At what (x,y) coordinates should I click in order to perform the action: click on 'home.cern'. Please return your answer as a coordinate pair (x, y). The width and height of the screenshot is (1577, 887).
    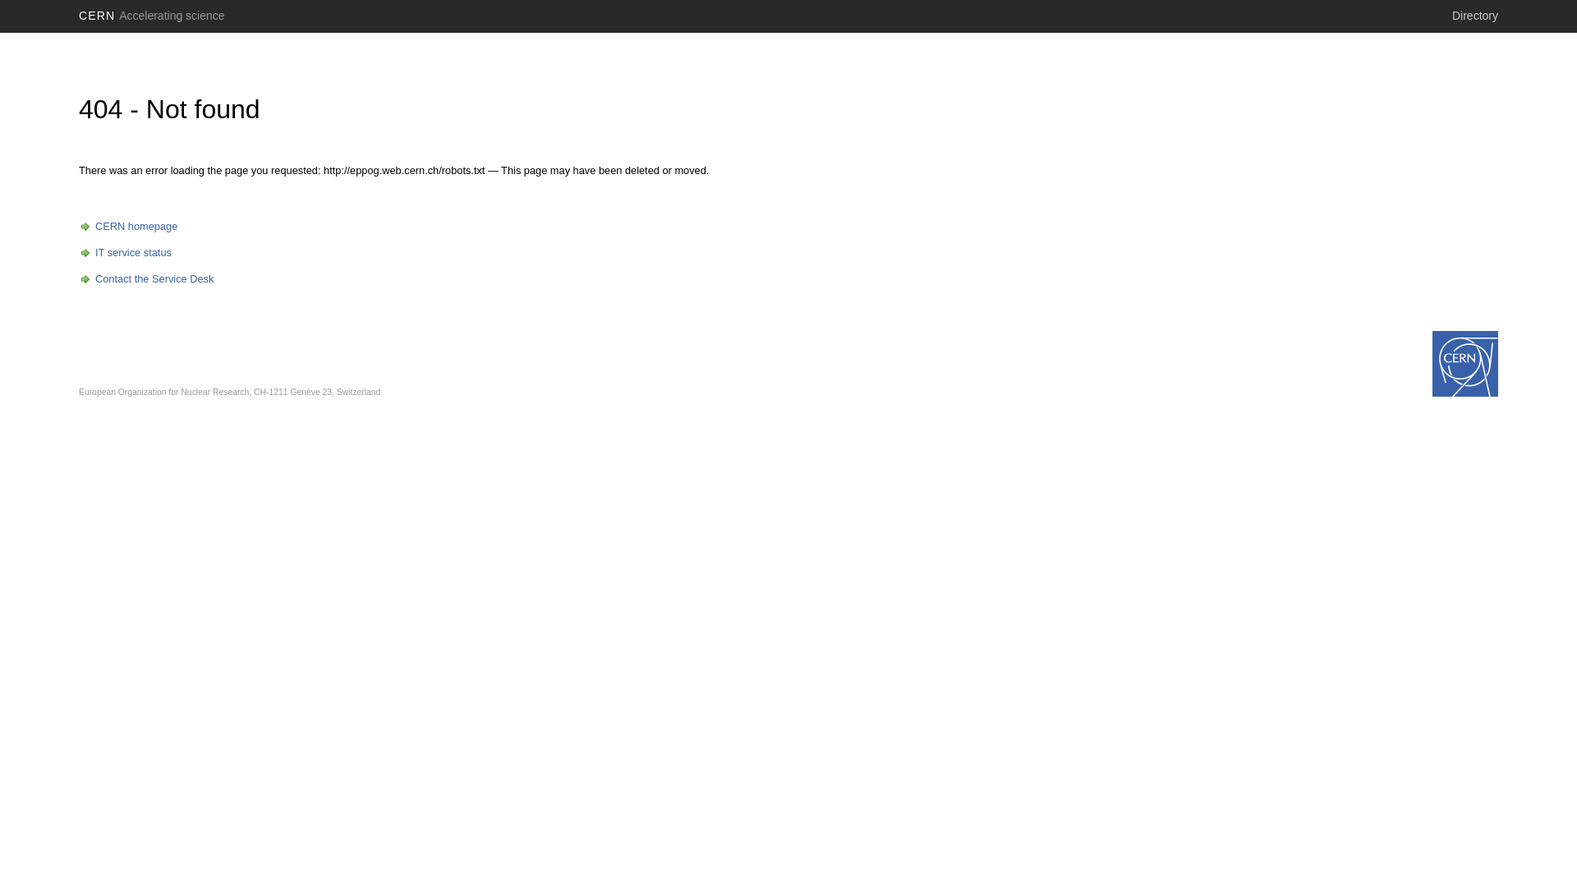
    Looking at the image, I should click on (1465, 363).